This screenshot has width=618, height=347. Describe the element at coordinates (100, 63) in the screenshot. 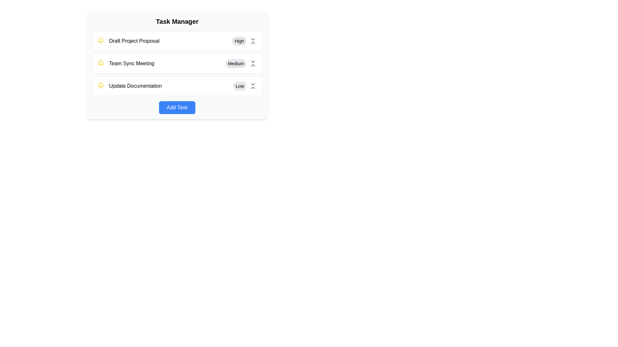

I see `the bell icon located to the left of the 'Team Sync Meeting' task label in the second row of the central task list` at that location.